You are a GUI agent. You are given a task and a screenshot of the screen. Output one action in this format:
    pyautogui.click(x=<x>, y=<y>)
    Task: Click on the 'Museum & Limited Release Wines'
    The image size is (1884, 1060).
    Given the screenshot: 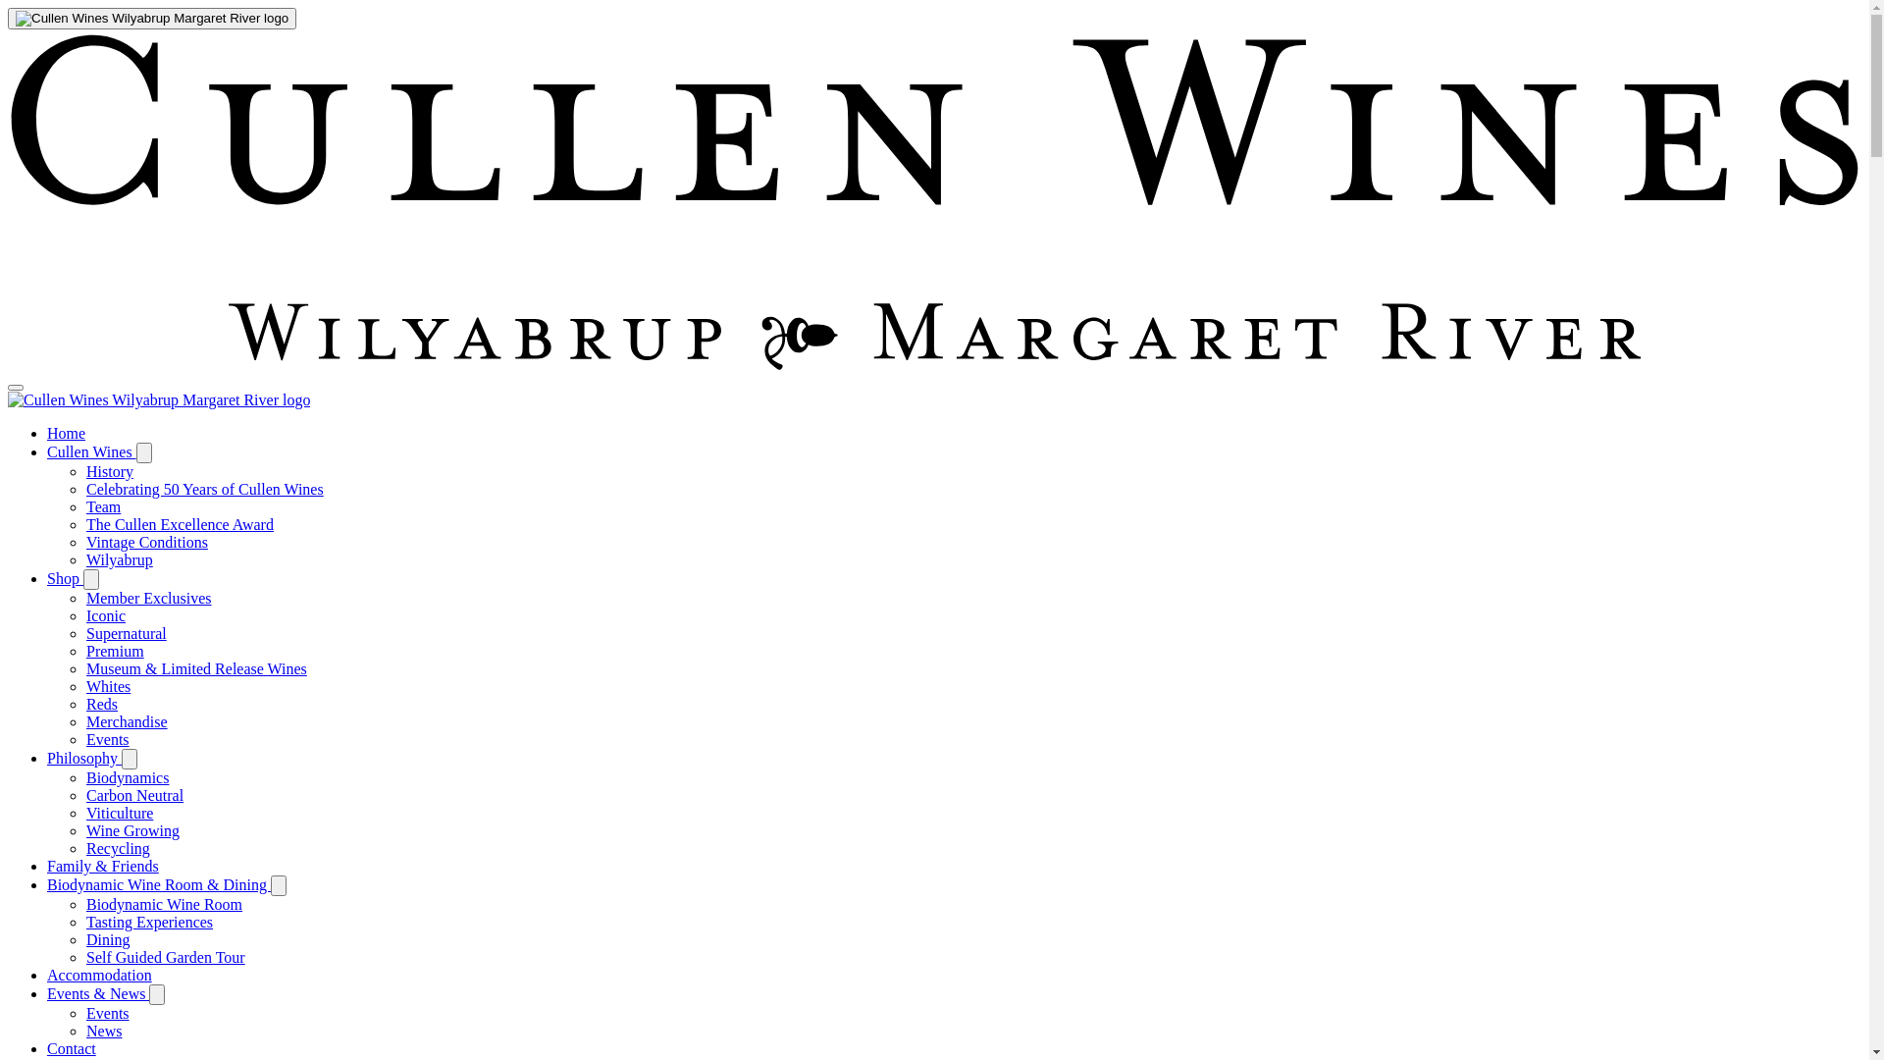 What is the action you would take?
    pyautogui.click(x=196, y=667)
    